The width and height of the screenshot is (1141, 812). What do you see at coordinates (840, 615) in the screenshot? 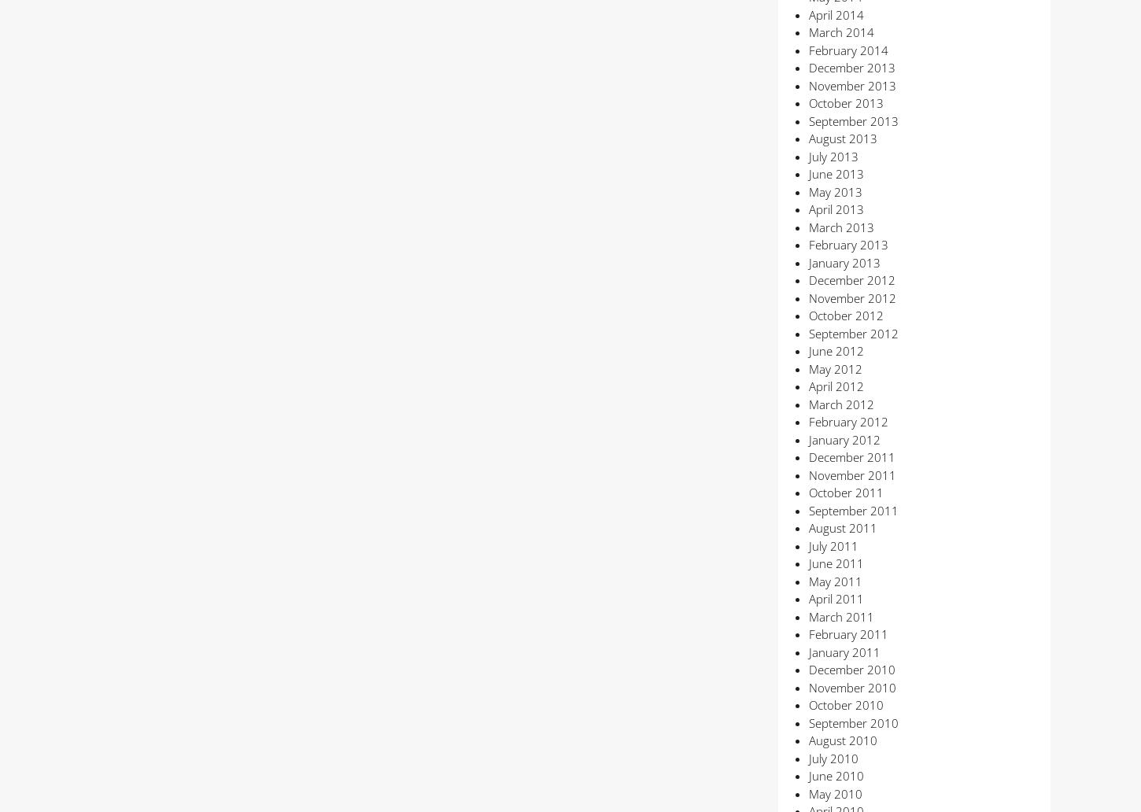
I see `'March 2011'` at bounding box center [840, 615].